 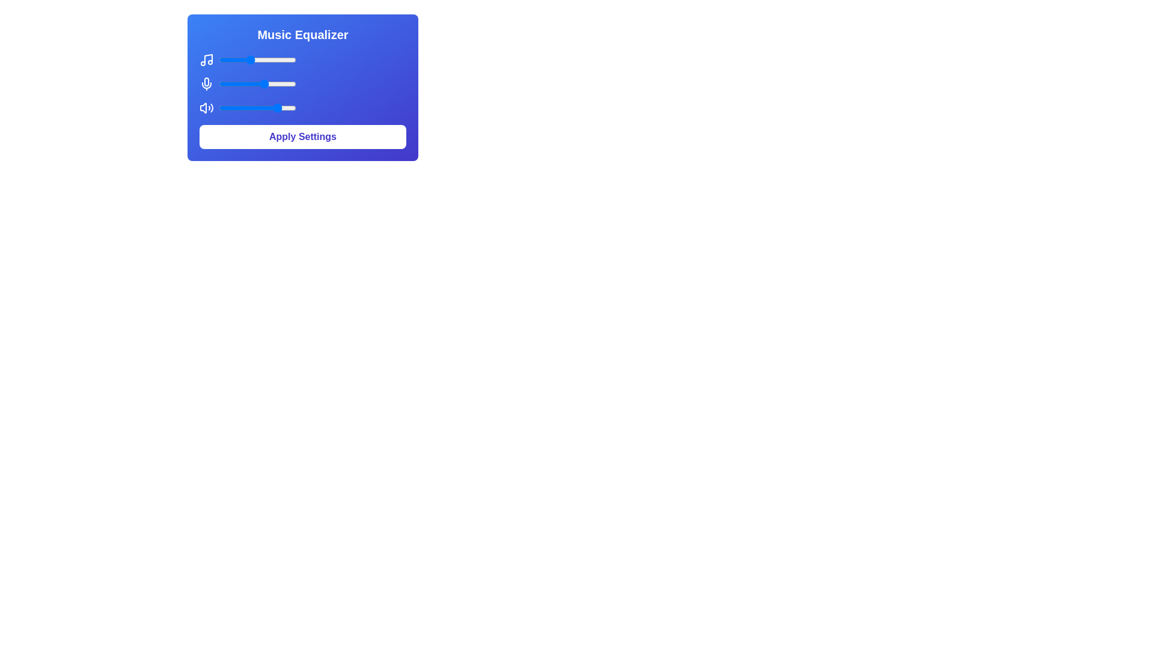 What do you see at coordinates (240, 60) in the screenshot?
I see `the music level` at bounding box center [240, 60].